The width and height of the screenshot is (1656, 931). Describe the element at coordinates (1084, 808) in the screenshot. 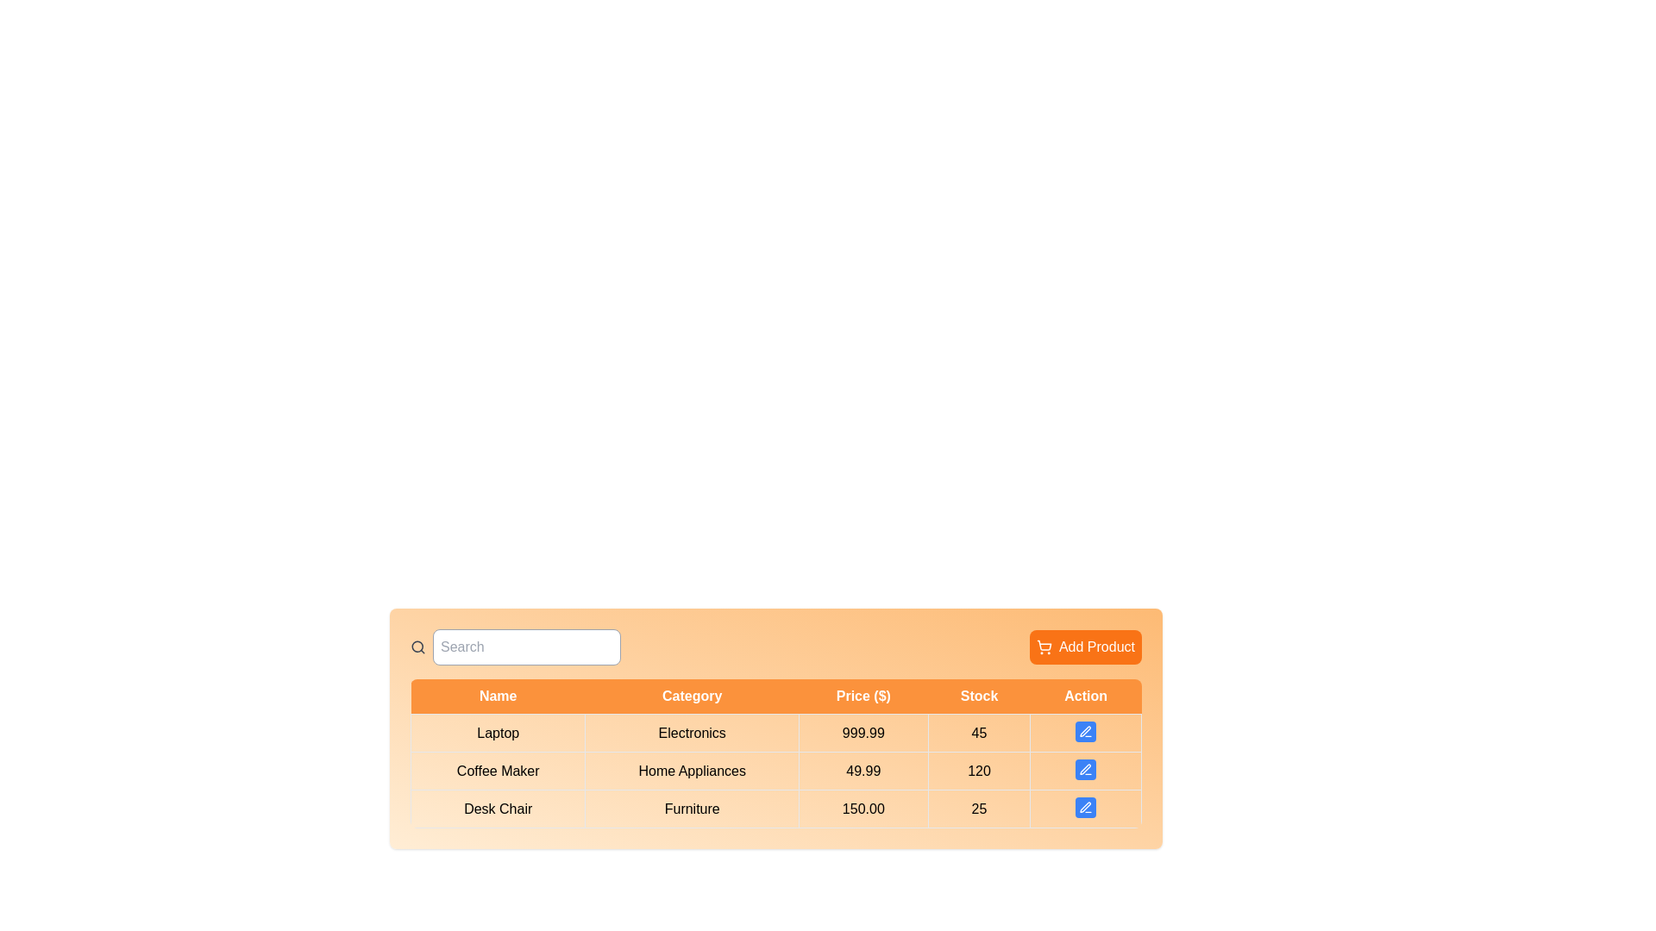

I see `the third pencil icon in the 'Action' column` at that location.